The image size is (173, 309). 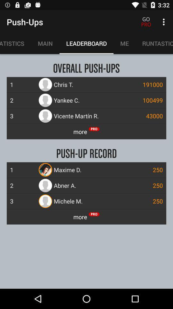 I want to click on the statistics item, so click(x=15, y=43).